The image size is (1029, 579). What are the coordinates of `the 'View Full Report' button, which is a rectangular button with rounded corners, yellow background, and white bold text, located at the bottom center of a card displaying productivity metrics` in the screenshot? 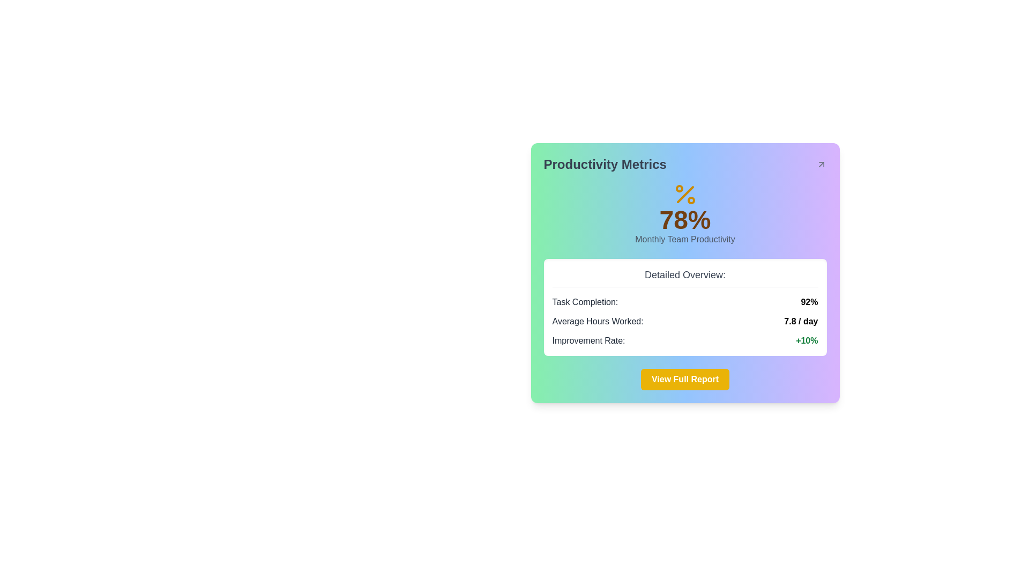 It's located at (684, 379).